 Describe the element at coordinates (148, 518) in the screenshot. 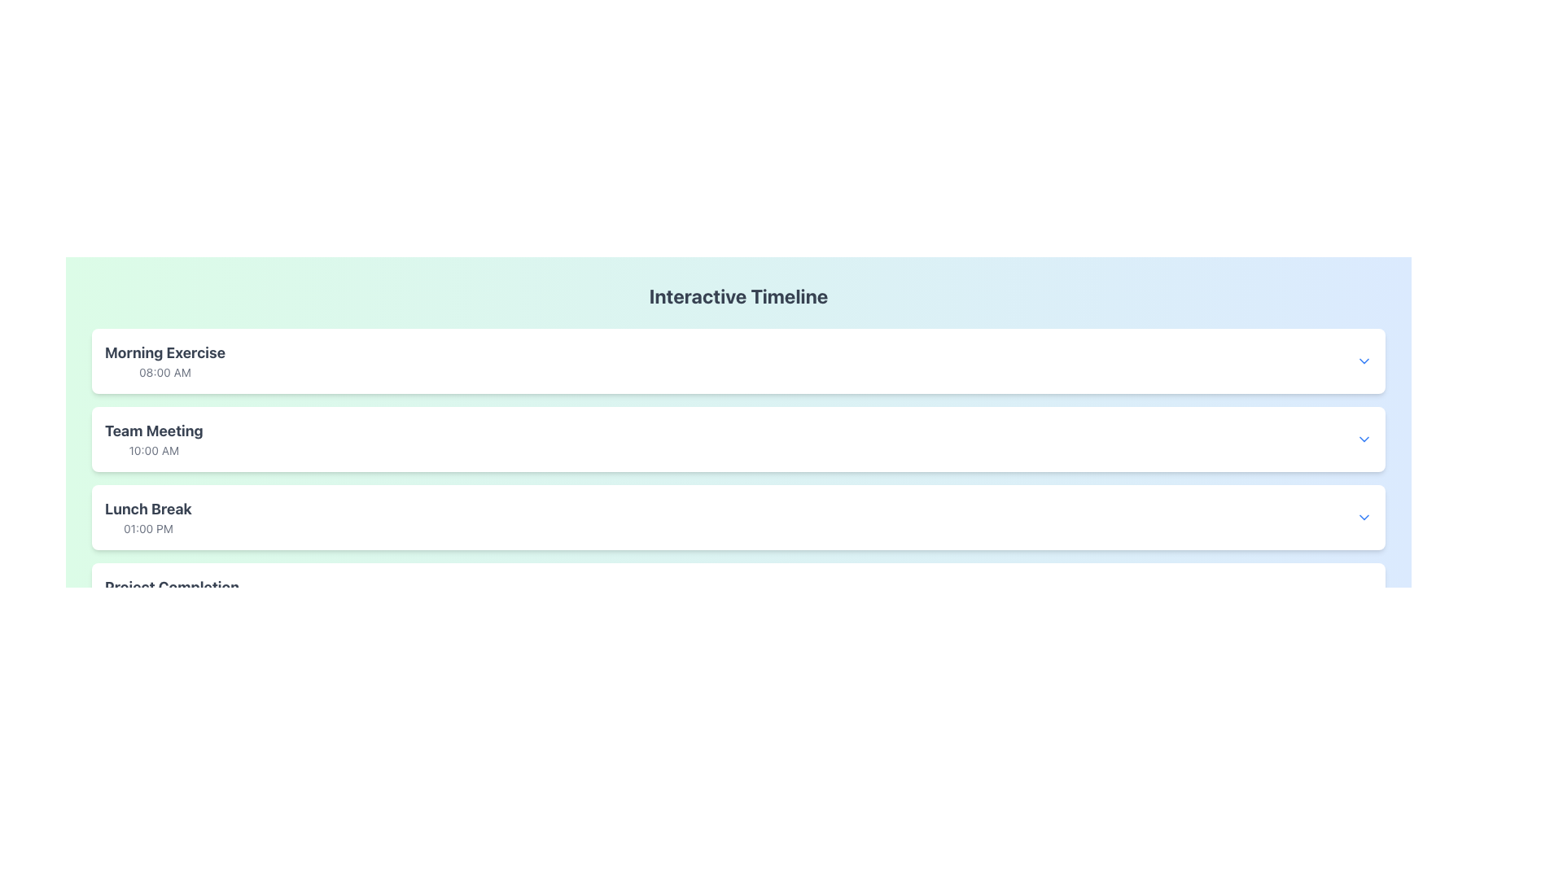

I see `the 'Lunch Break' text block element, which displays 'Lunch Break' in bold and '01:00 PM' in a smaller font` at that location.